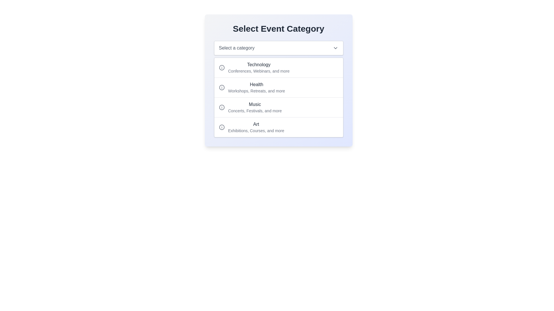  Describe the element at coordinates (278, 127) in the screenshot. I see `the fourth list item under 'Select Event Category' with the title 'Art'` at that location.